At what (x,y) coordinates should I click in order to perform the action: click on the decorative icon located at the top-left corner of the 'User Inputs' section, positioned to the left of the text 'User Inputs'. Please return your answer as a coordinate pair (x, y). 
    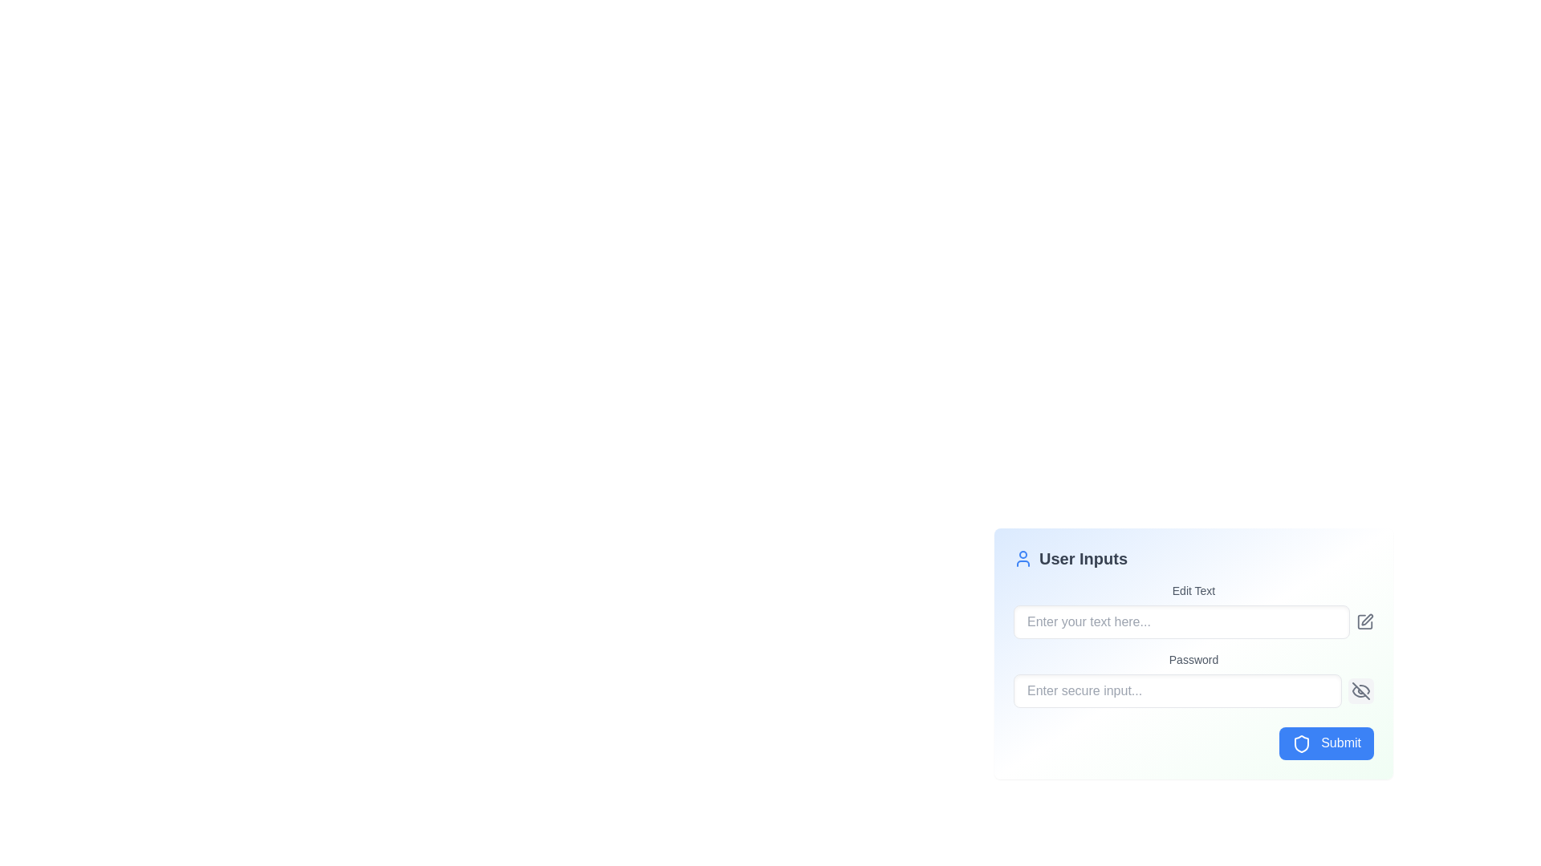
    Looking at the image, I should click on (1023, 558).